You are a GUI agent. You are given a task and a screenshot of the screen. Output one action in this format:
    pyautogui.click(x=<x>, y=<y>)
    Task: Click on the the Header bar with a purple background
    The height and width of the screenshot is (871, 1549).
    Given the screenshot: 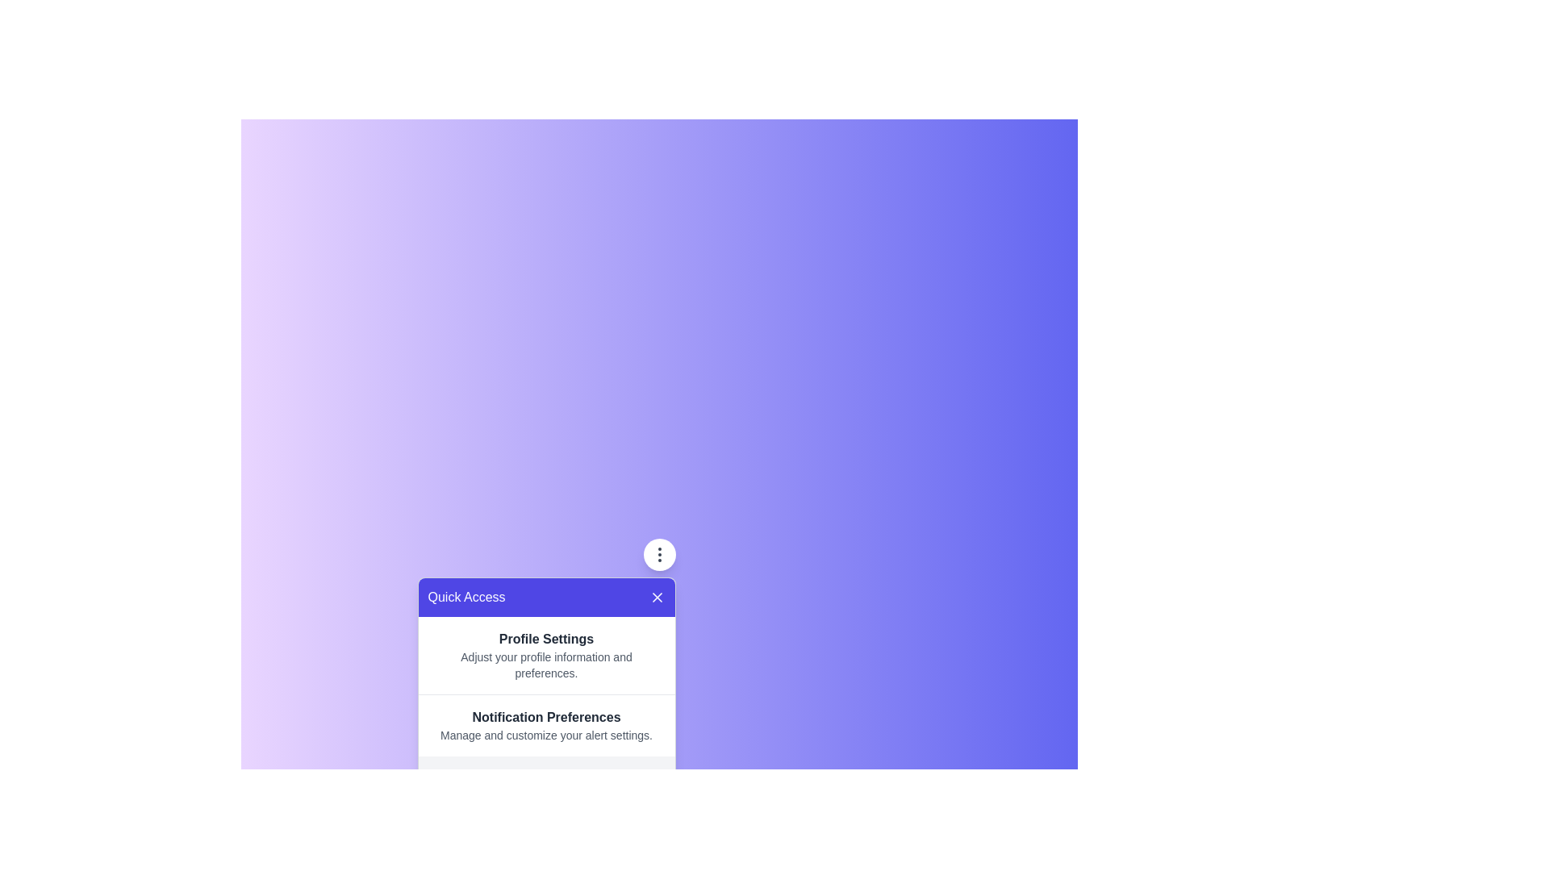 What is the action you would take?
    pyautogui.click(x=546, y=597)
    